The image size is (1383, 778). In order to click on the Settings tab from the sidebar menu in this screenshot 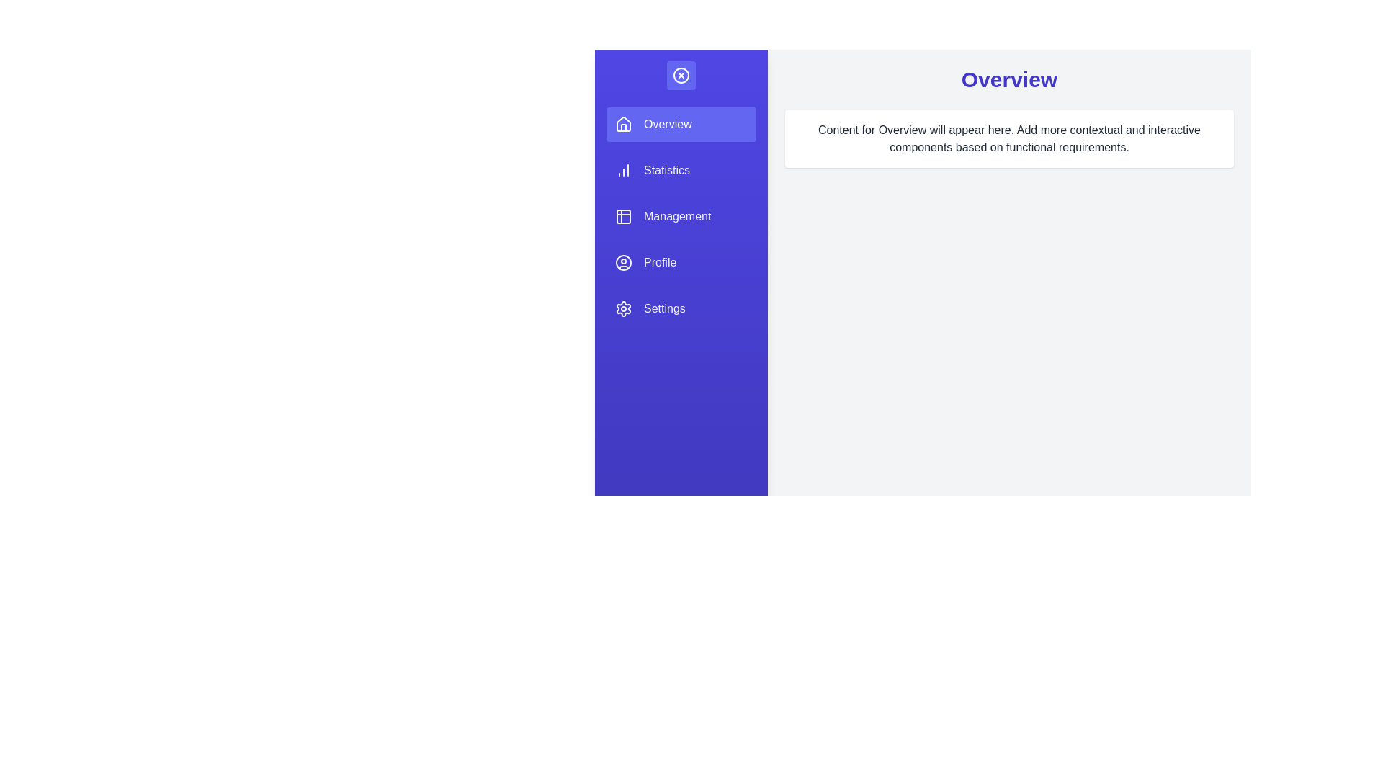, I will do `click(680, 308)`.